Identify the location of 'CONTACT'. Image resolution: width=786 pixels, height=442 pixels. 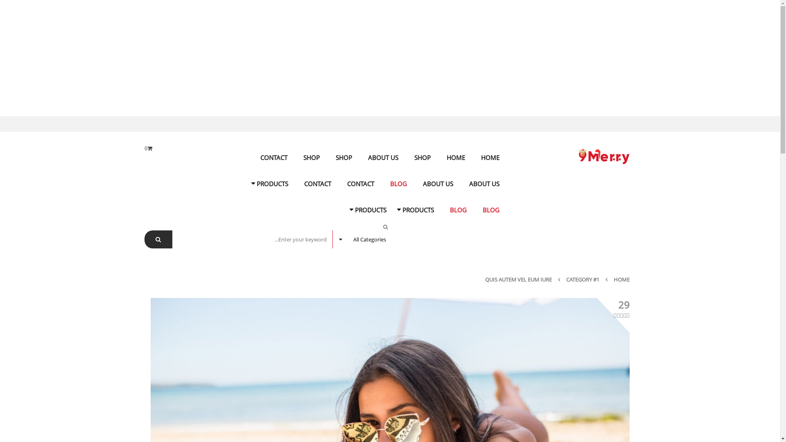
(273, 158).